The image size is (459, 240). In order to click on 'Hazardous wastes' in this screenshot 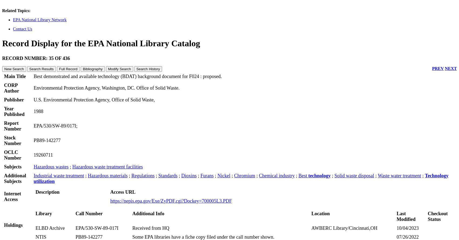, I will do `click(50, 166)`.